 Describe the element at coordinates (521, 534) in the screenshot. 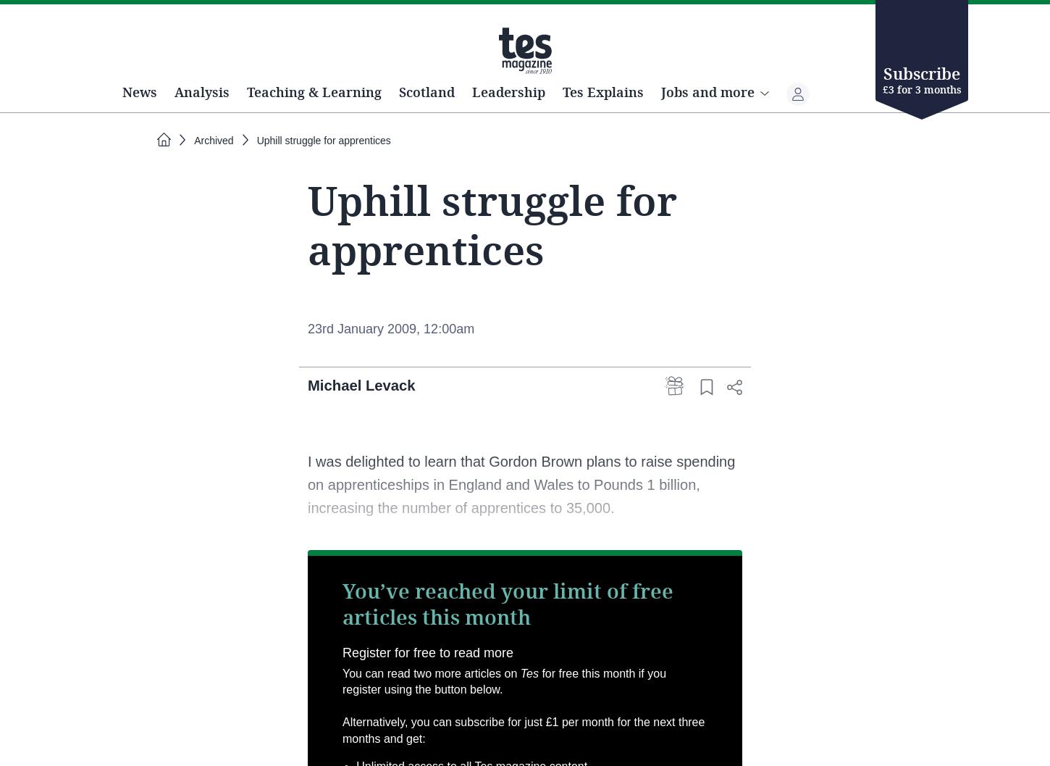

I see `'I was delighted to learn that Gordon Brown plans to raise spending on apprenticeships in England and Wales to Pounds 1 billion, increasing the number of apprentices to 35,000.'` at that location.